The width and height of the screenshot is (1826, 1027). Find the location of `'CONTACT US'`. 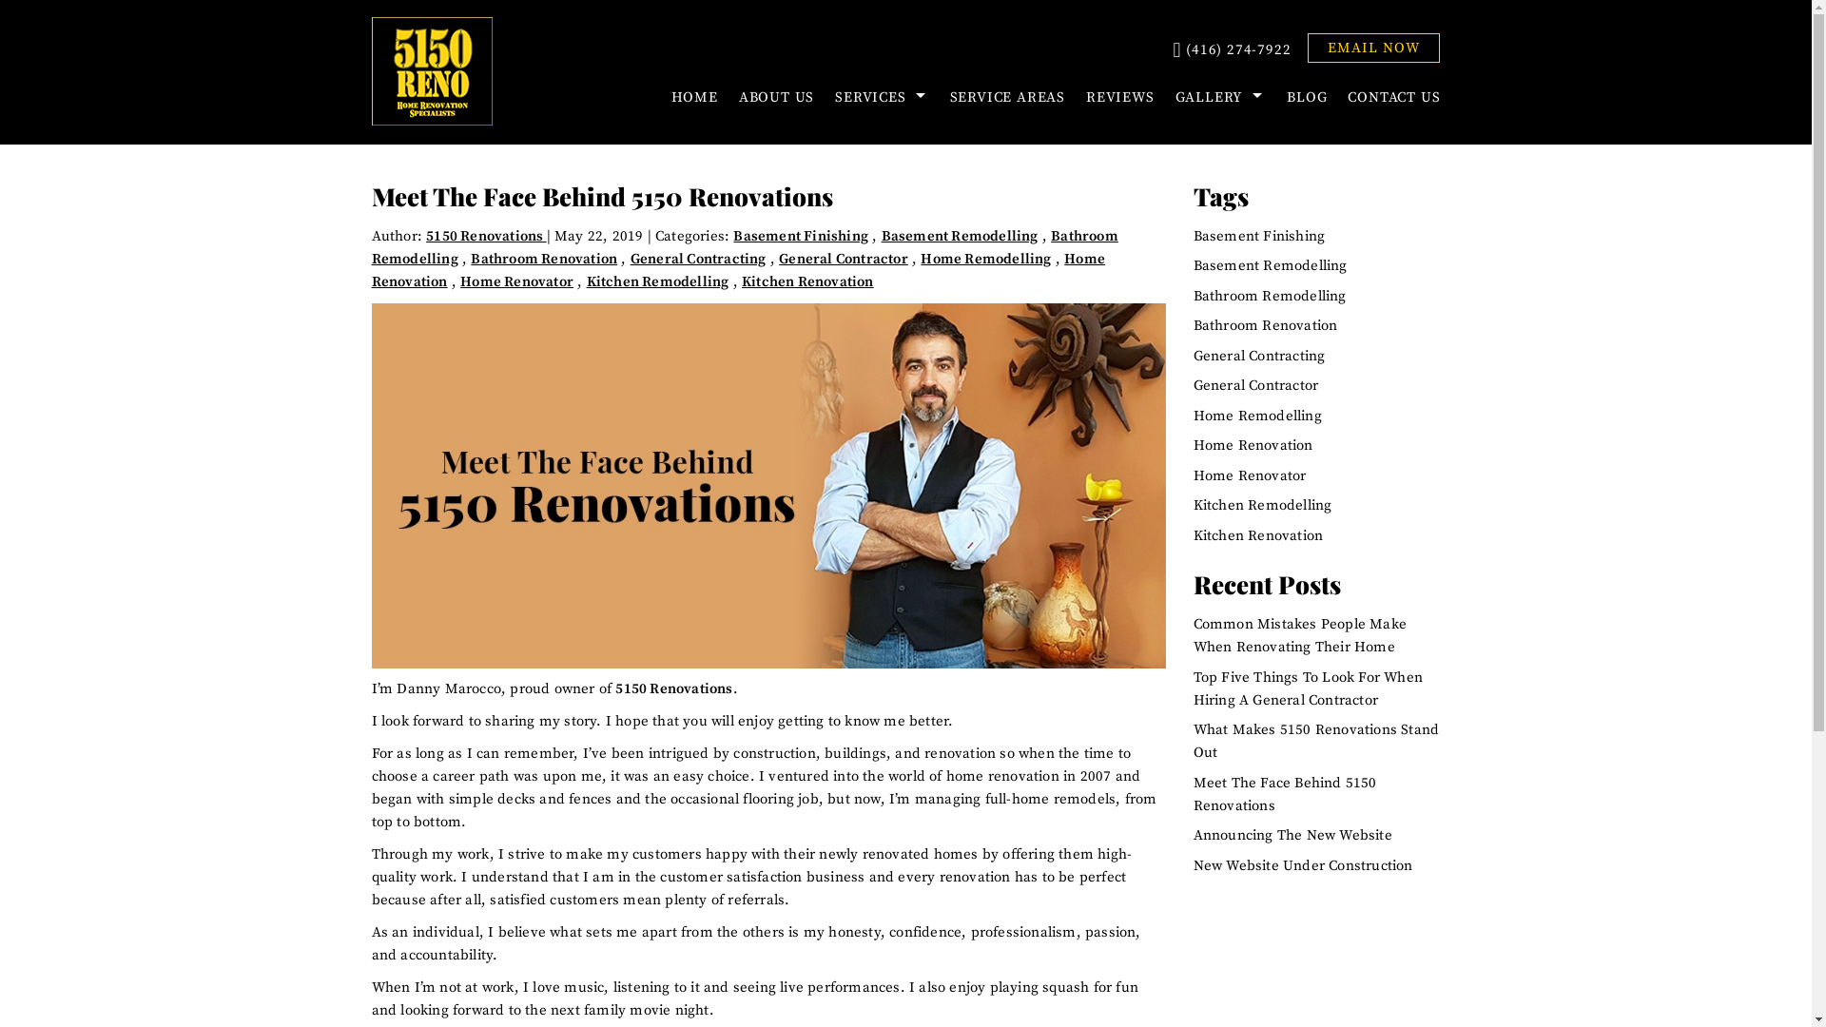

'CONTACT US' is located at coordinates (1388, 97).